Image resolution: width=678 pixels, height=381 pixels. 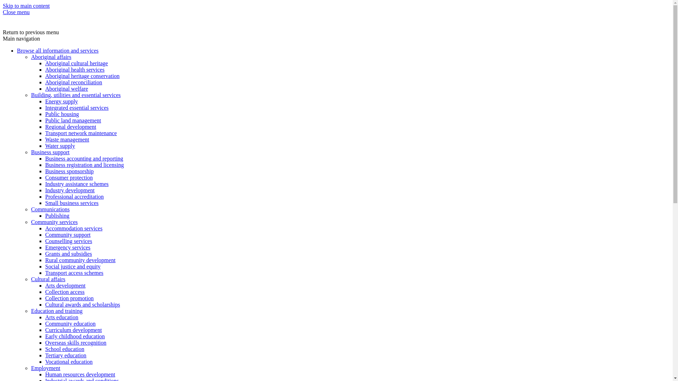 I want to click on 'Transport access schemes', so click(x=74, y=272).